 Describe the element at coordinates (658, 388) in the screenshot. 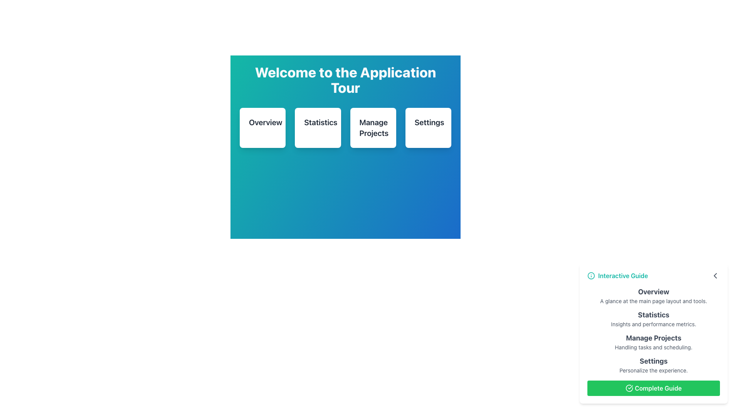

I see `the 'Complete Guide' text label within the green button at the bottom of the 'Interactive Guide' panel to interact with the button` at that location.